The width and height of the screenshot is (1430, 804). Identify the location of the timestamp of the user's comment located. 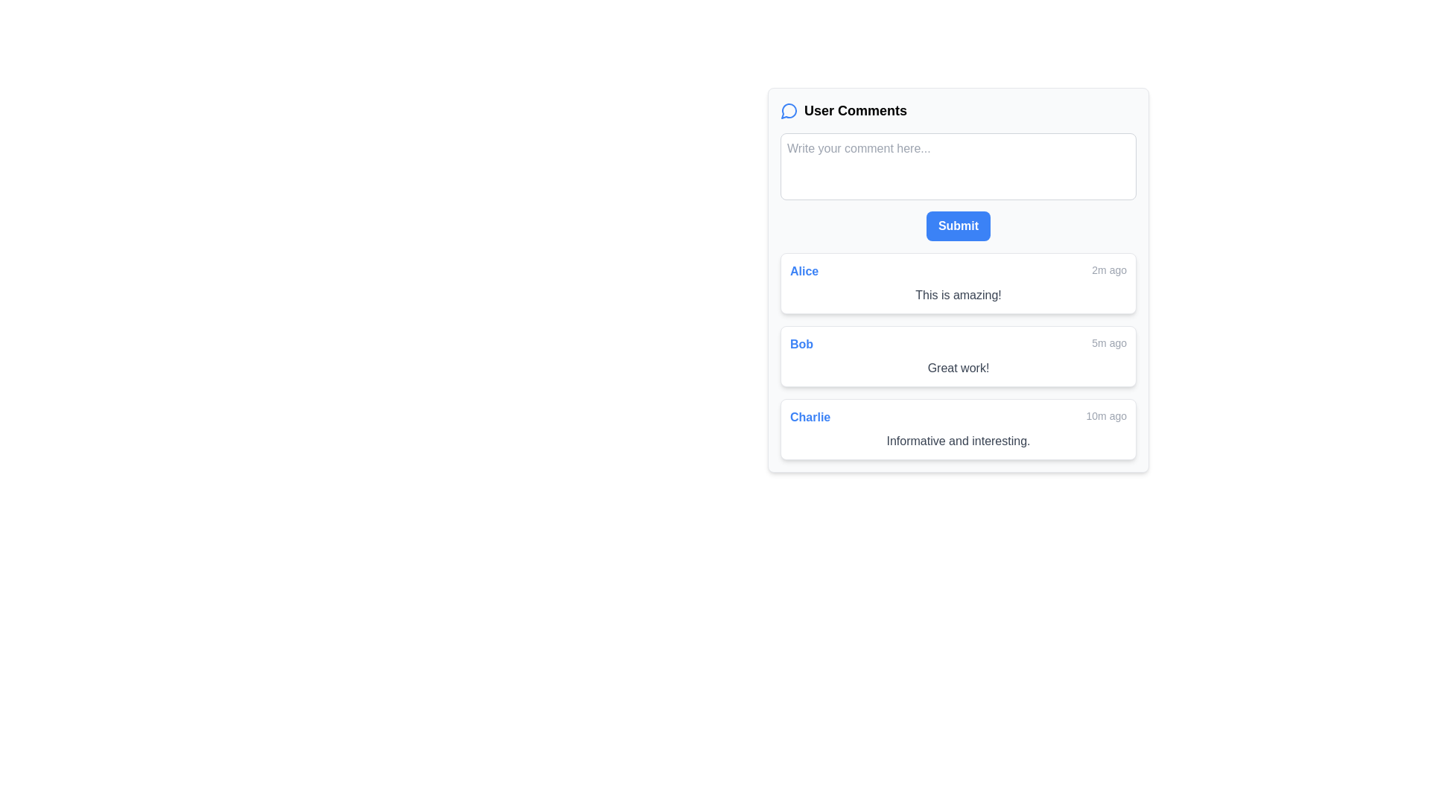
(958, 356).